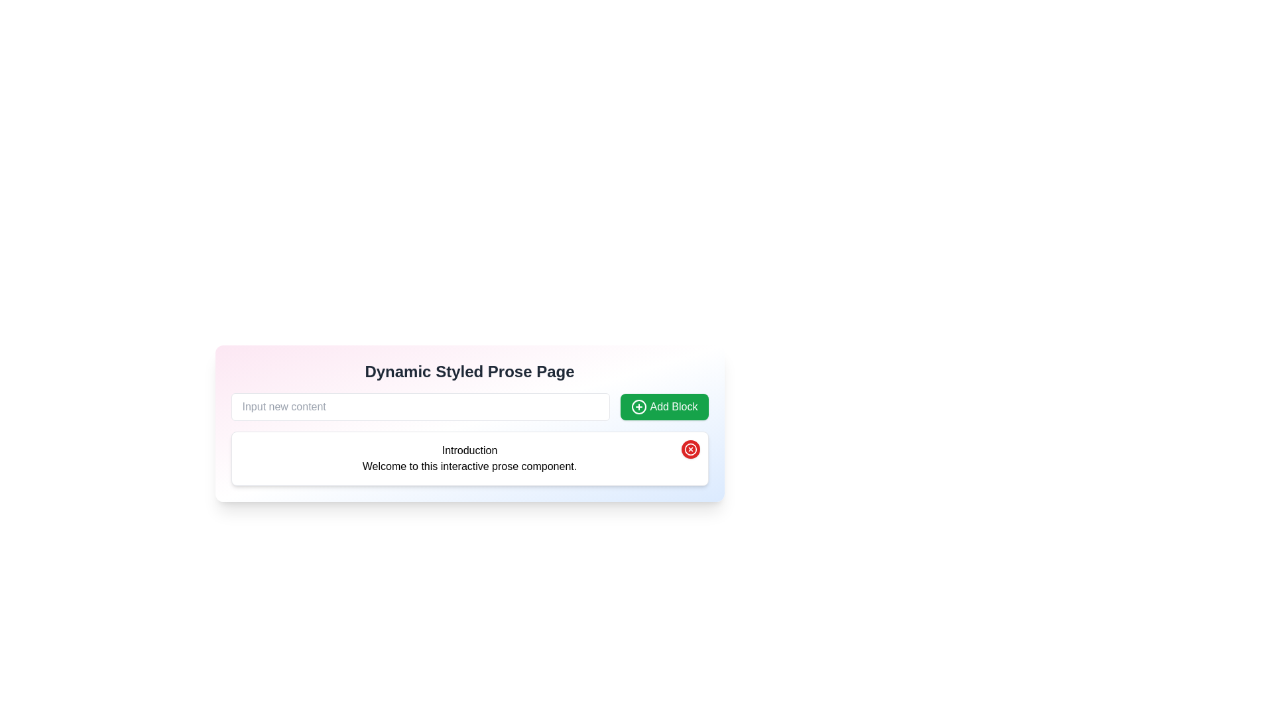  What do you see at coordinates (690, 449) in the screenshot?
I see `the Circle SVG element located in the bottom-right corner of the white card` at bounding box center [690, 449].